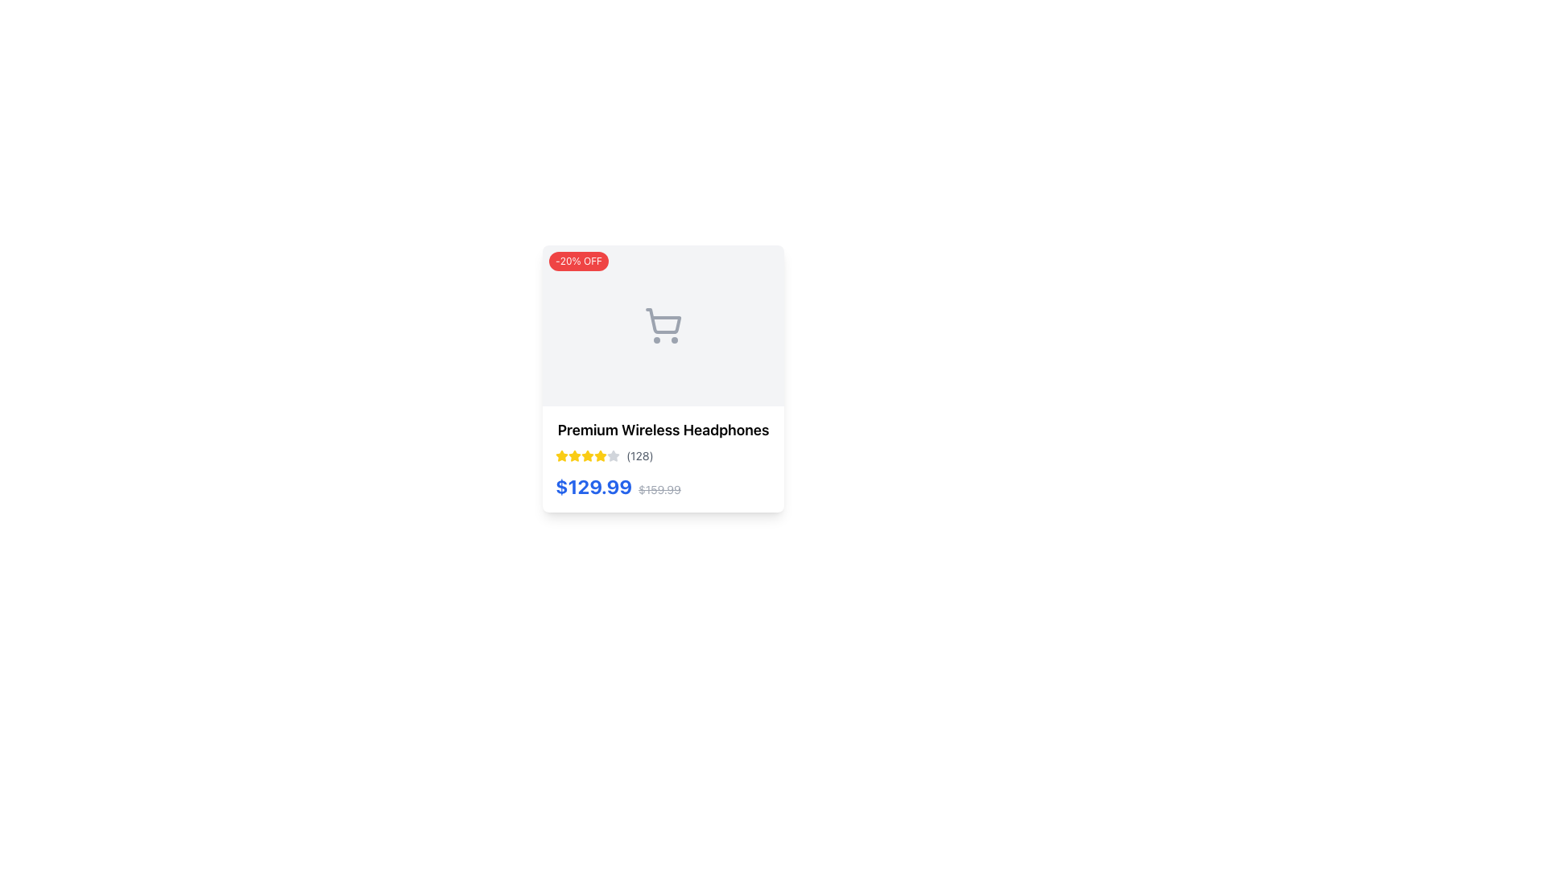 The width and height of the screenshot is (1546, 869). I want to click on the product add-to-cart icon located at the center of the card above the product description, so click(663, 326).